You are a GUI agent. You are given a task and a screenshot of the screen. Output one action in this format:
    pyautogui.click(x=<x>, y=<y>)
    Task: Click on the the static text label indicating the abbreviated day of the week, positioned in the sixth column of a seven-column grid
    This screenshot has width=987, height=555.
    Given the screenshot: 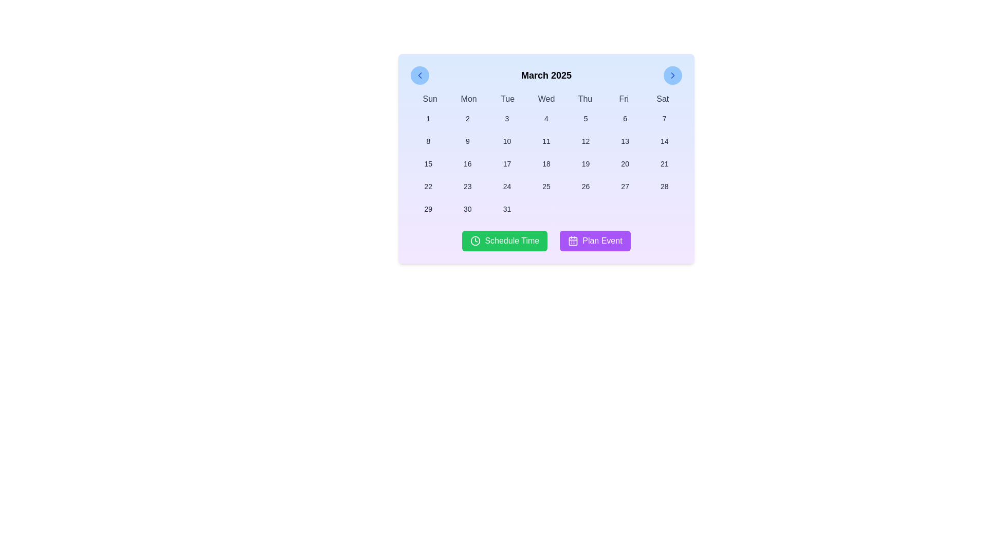 What is the action you would take?
    pyautogui.click(x=623, y=99)
    